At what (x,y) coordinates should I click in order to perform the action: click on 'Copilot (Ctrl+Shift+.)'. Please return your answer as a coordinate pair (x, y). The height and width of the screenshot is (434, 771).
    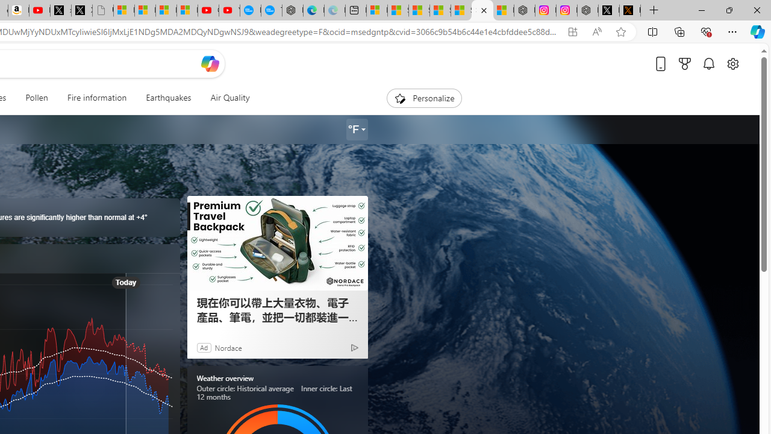
    Looking at the image, I should click on (757, 31).